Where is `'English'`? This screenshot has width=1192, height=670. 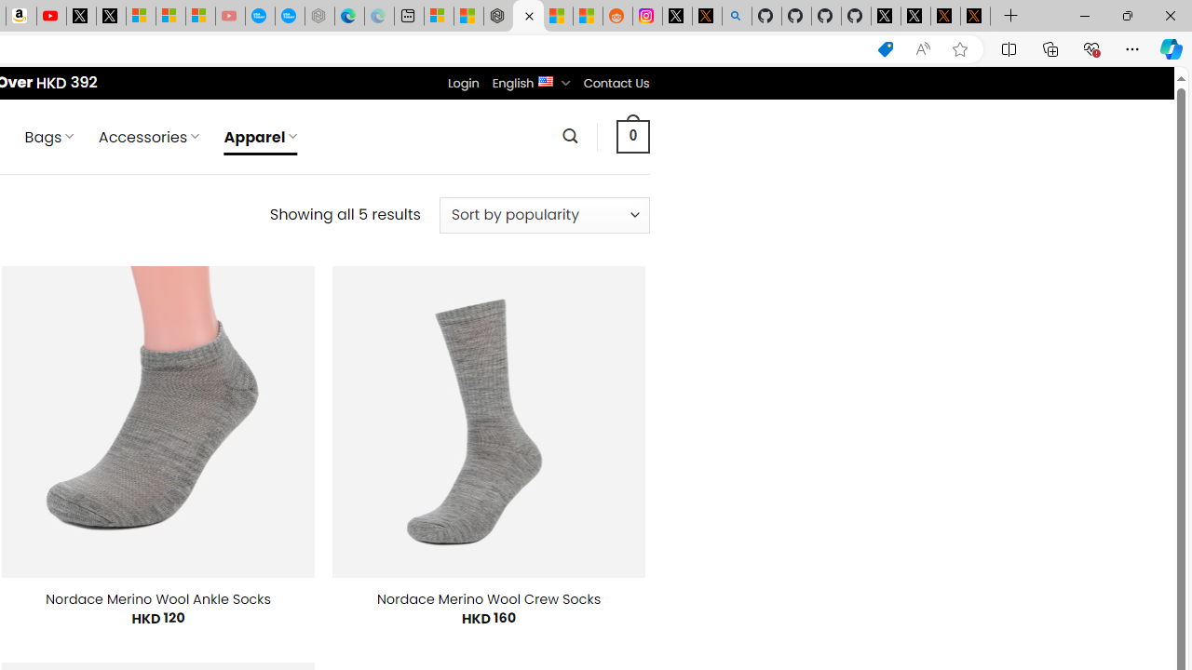 'English' is located at coordinates (545, 79).